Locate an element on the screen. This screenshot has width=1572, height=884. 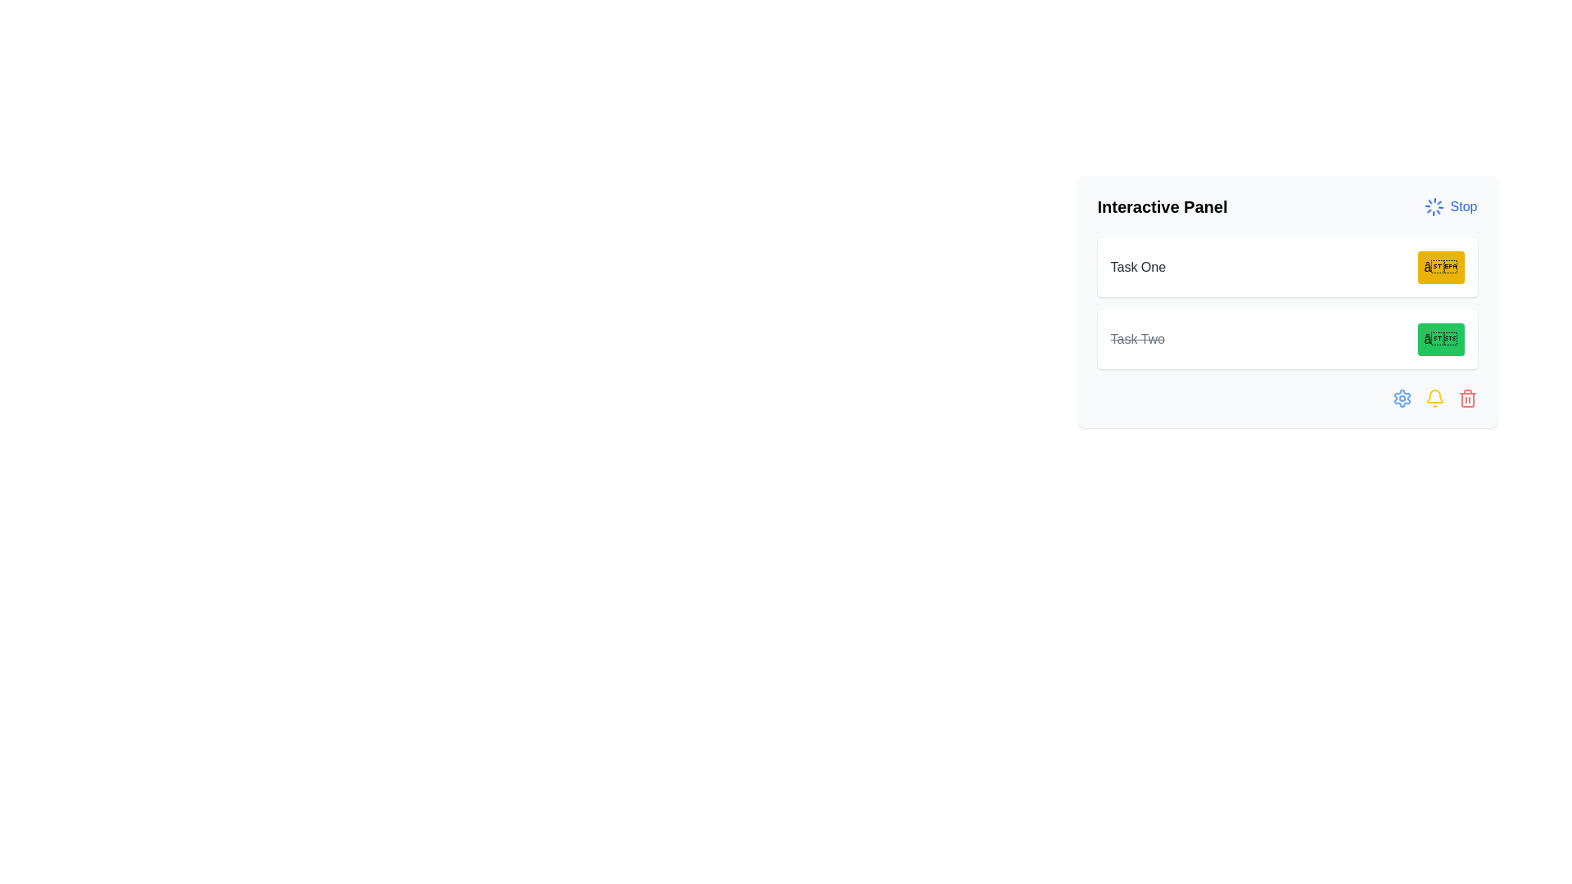
the small red trash bin icon located at the bottom right of the panel is located at coordinates (1467, 398).